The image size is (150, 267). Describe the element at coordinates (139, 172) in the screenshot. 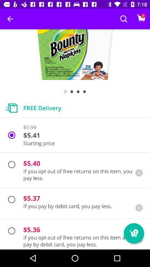

I see `additional note available button` at that location.